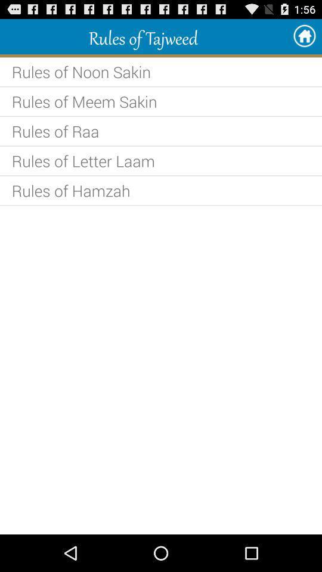  What do you see at coordinates (304, 36) in the screenshot?
I see `the item at the top right corner` at bounding box center [304, 36].